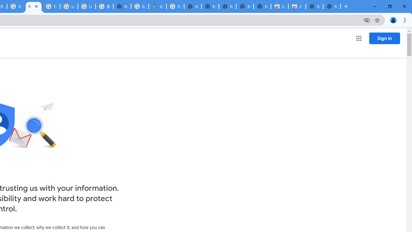  What do you see at coordinates (51, 6) in the screenshot?
I see `'Tips & tricks for Chrome - Google Chrome Help'` at bounding box center [51, 6].